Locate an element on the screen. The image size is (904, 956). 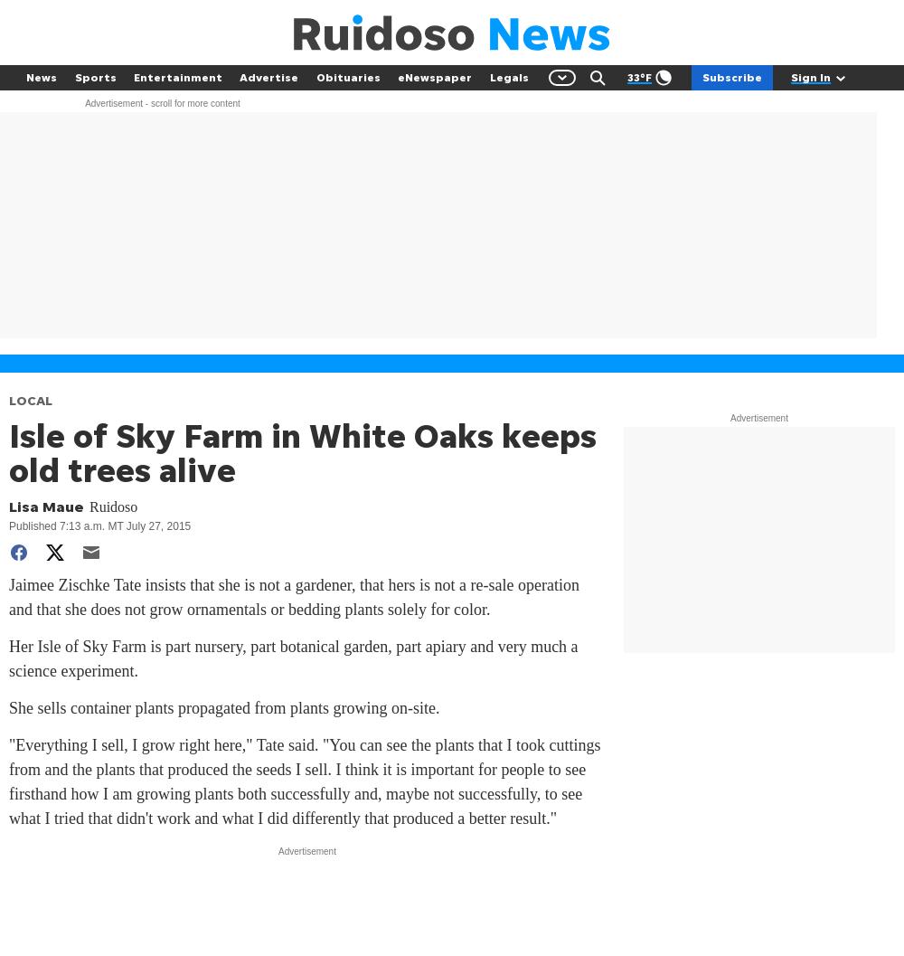
'Sports' is located at coordinates (94, 76).